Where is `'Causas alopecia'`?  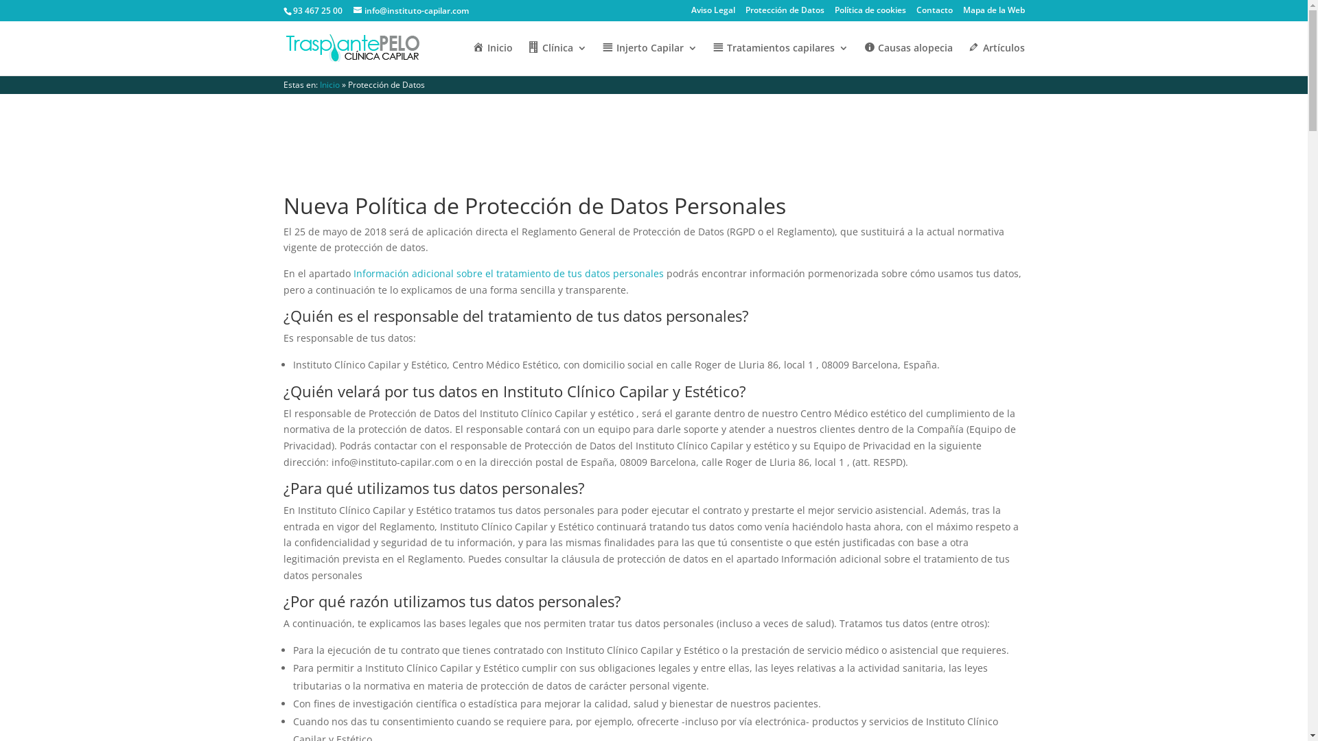 'Causas alopecia' is located at coordinates (908, 58).